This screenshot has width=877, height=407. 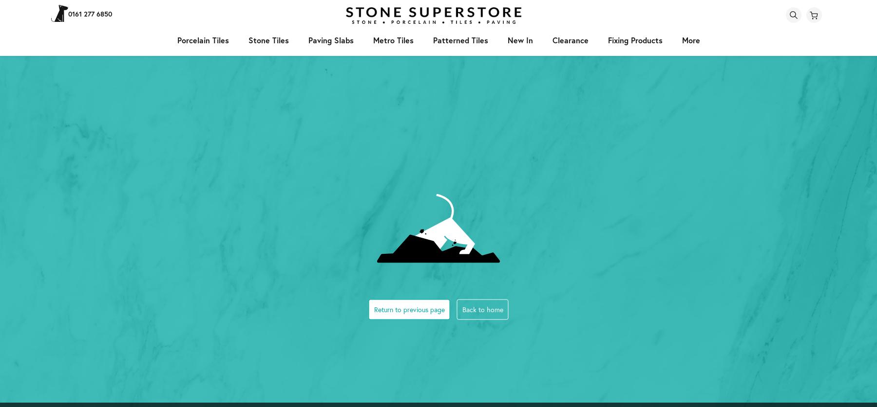 What do you see at coordinates (330, 40) in the screenshot?
I see `'paving slabs'` at bounding box center [330, 40].